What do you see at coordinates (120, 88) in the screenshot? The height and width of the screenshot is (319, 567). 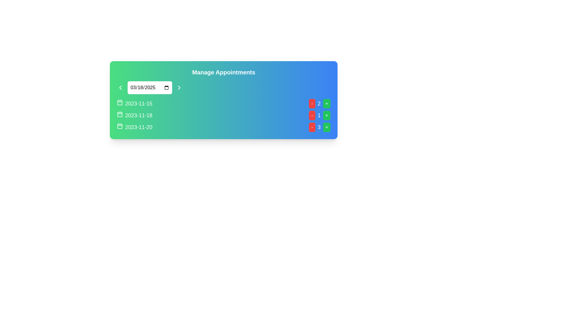 I see `the Chevron Arrow icon located in the top-left area of the panel` at bounding box center [120, 88].